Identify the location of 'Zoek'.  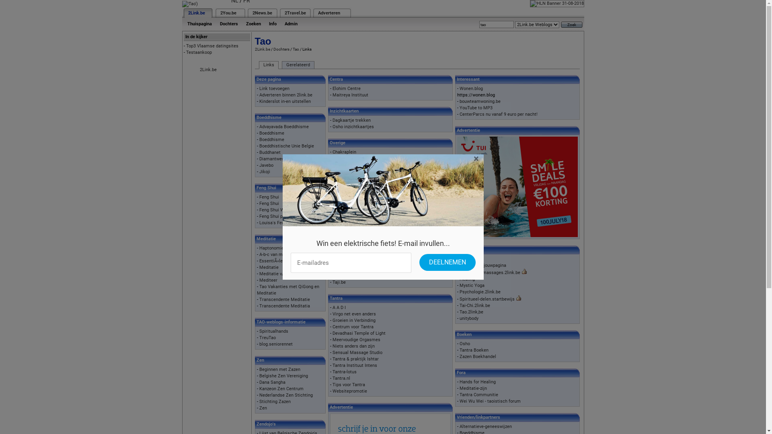
(571, 24).